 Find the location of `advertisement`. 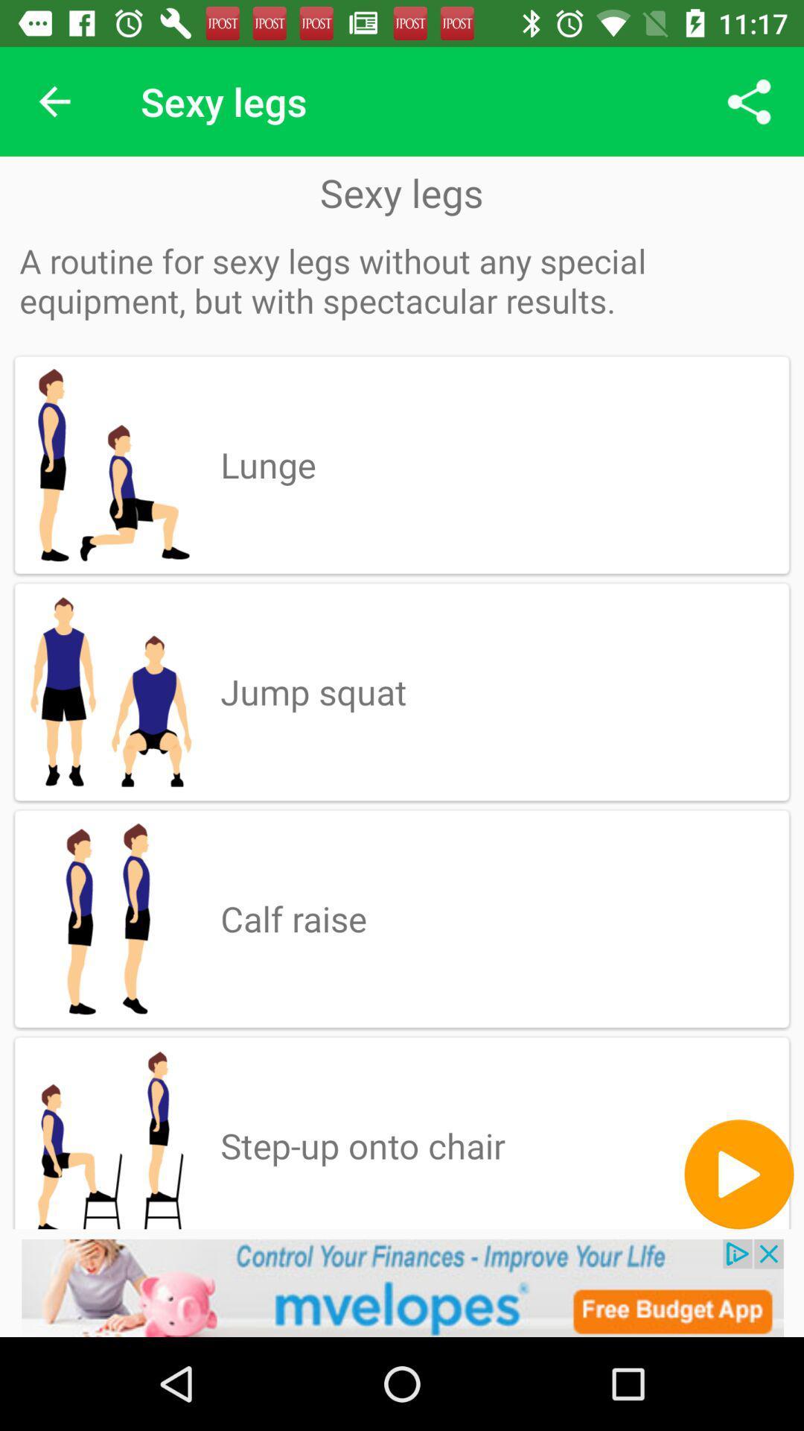

advertisement is located at coordinates (402, 1287).